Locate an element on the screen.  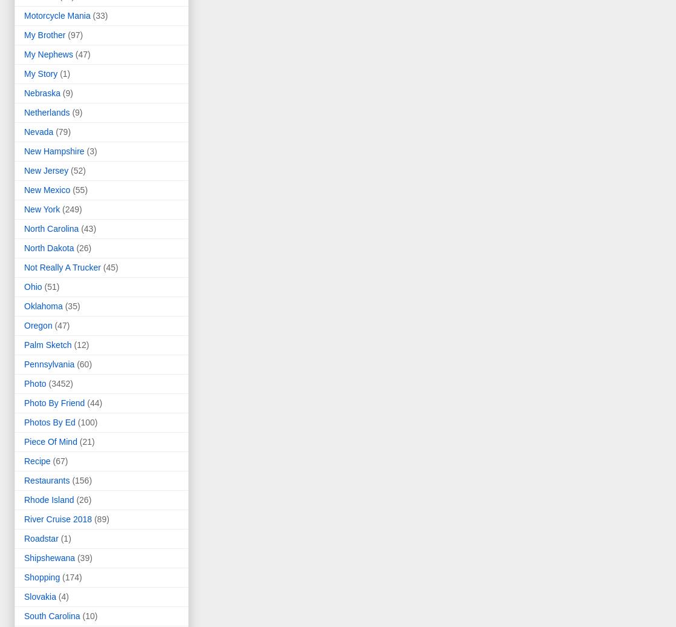
'(174)' is located at coordinates (71, 577).